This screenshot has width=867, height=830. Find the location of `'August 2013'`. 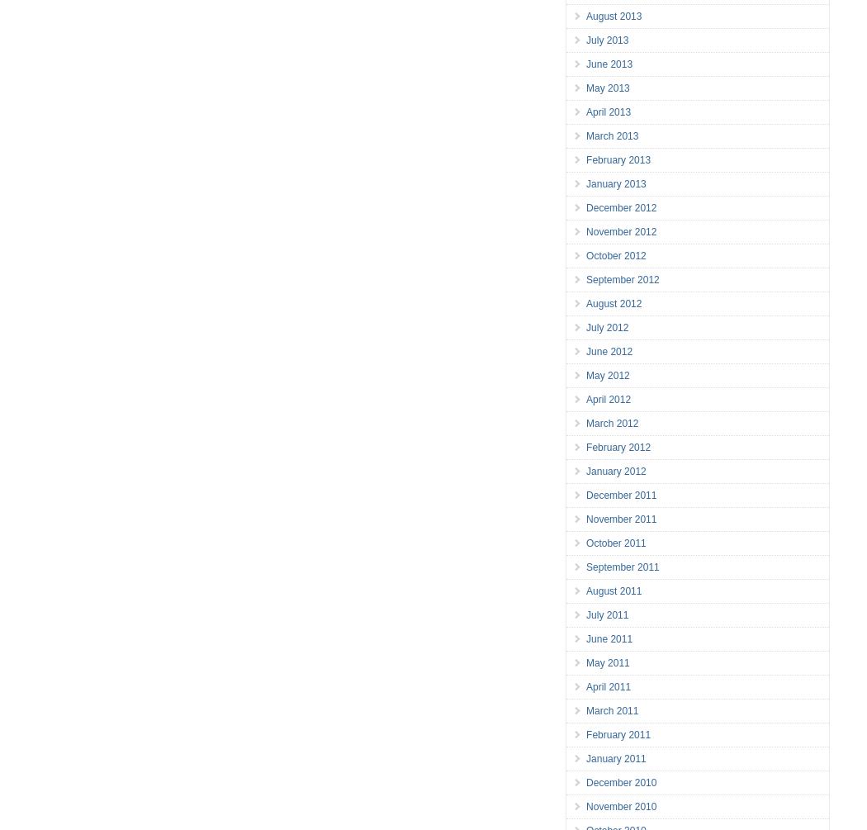

'August 2013' is located at coordinates (613, 16).